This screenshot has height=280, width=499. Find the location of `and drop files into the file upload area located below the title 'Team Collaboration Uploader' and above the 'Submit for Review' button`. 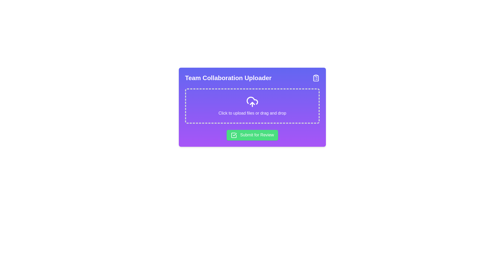

and drop files into the file upload area located below the title 'Team Collaboration Uploader' and above the 'Submit for Review' button is located at coordinates (252, 106).